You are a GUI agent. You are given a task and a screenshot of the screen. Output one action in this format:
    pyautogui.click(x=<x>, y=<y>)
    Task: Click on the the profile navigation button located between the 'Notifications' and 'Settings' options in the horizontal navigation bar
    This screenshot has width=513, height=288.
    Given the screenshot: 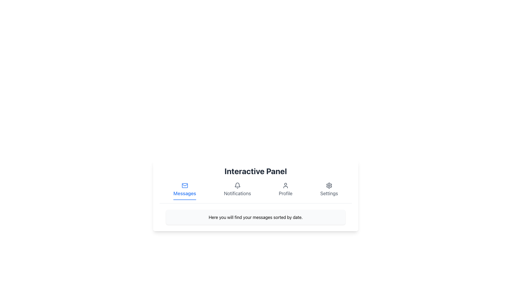 What is the action you would take?
    pyautogui.click(x=285, y=191)
    